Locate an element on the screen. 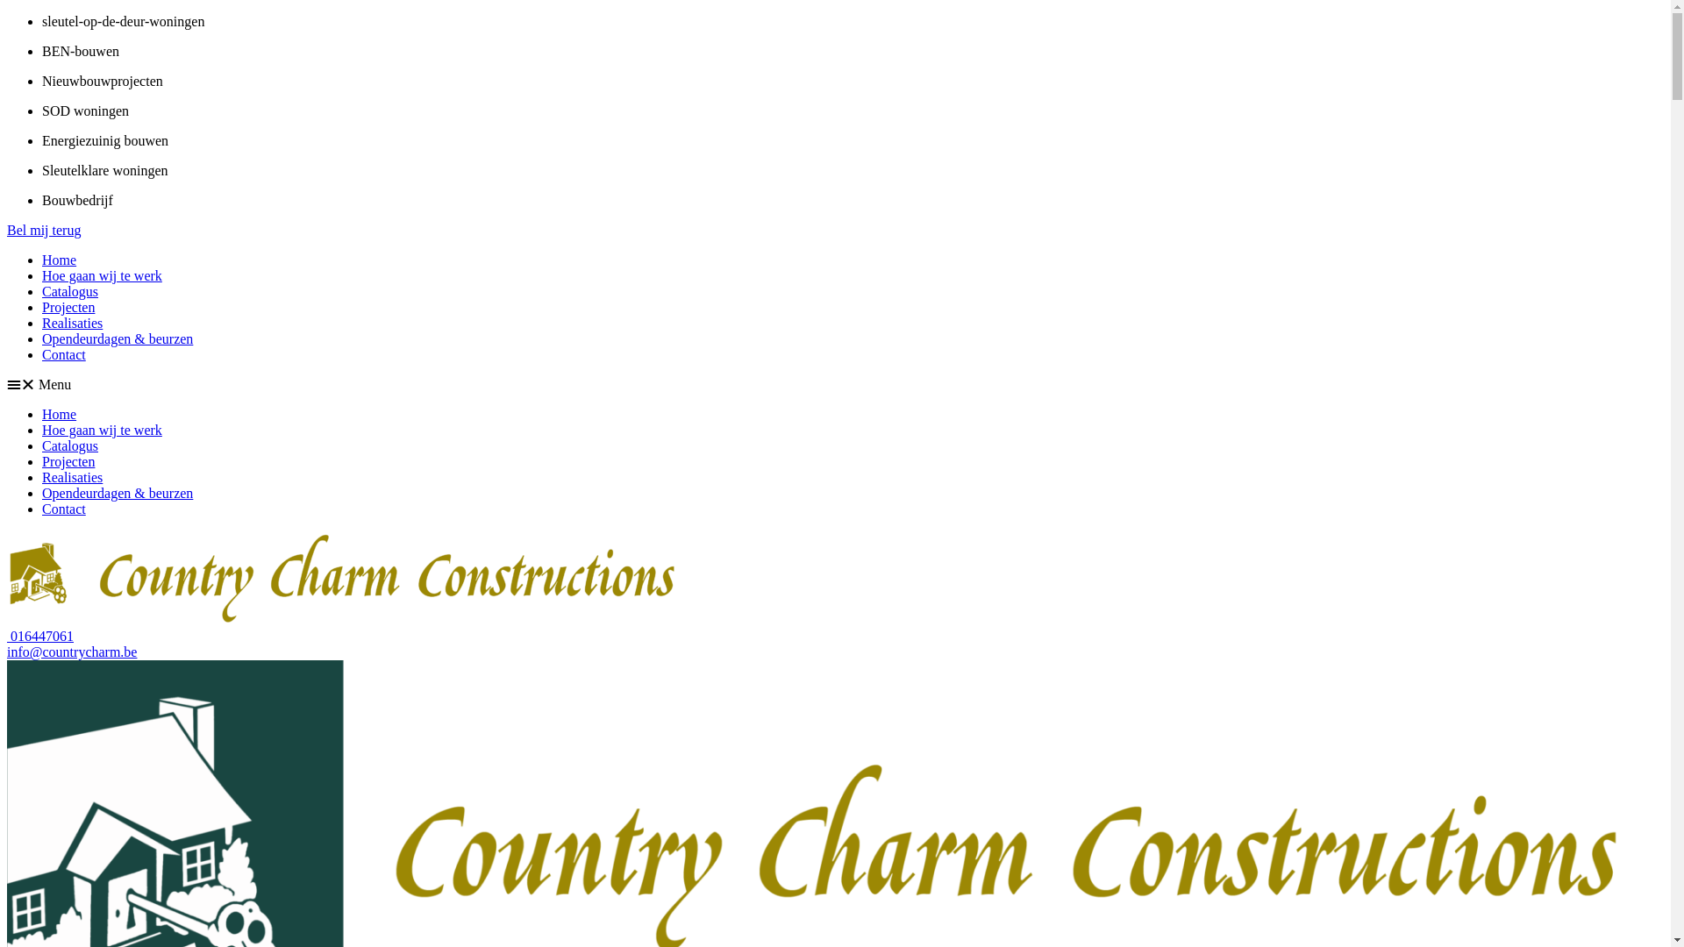  'Opendeurdagen & beurzen' is located at coordinates (117, 338).